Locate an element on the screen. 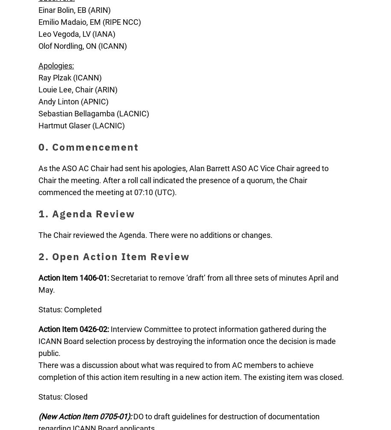  'There was a discussion about what was required to from AC members to achieve completion of this action item resulting in a new action item. The existing item was closed.' is located at coordinates (191, 371).